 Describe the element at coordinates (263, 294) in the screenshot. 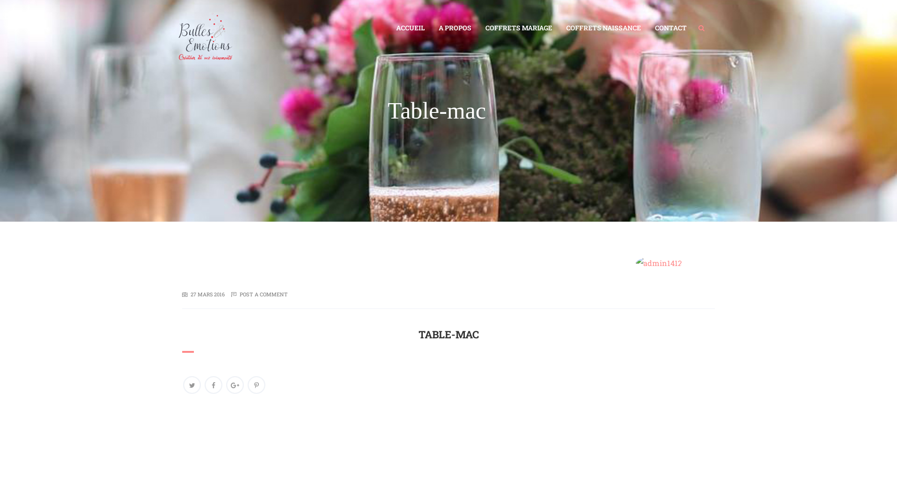

I see `'POST A COMMENT'` at that location.